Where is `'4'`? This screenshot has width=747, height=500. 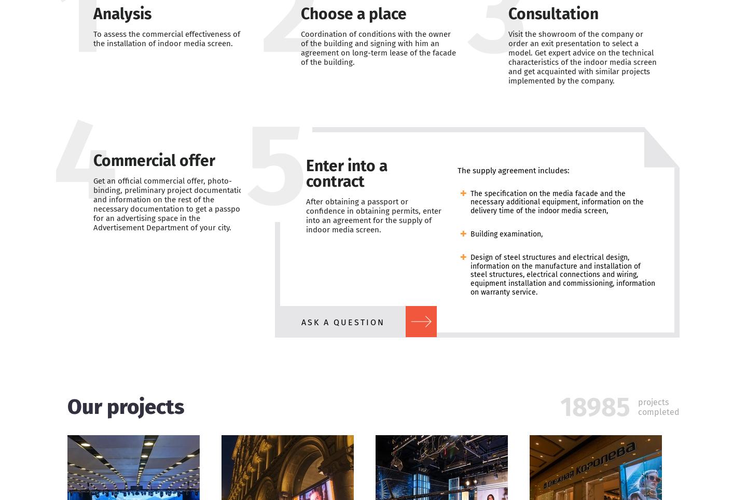
'4' is located at coordinates (85, 159).